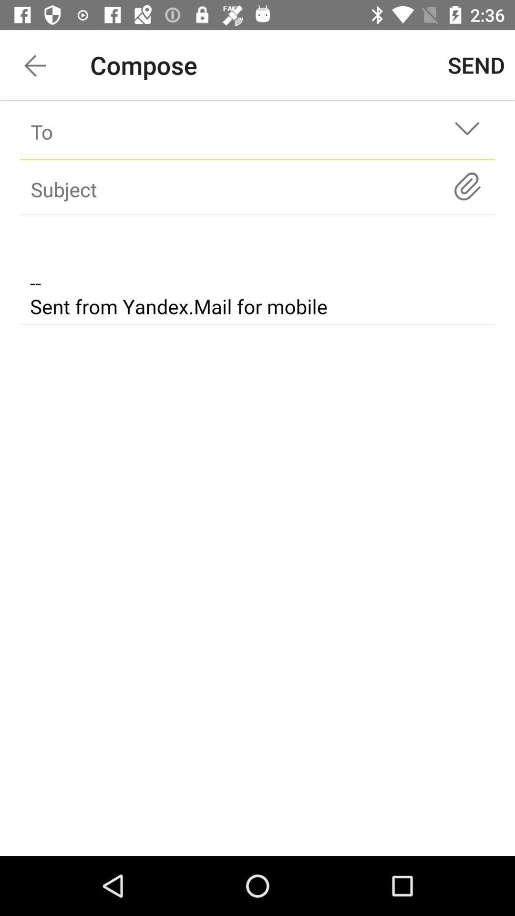  What do you see at coordinates (466, 131) in the screenshot?
I see `the expand_more icon` at bounding box center [466, 131].